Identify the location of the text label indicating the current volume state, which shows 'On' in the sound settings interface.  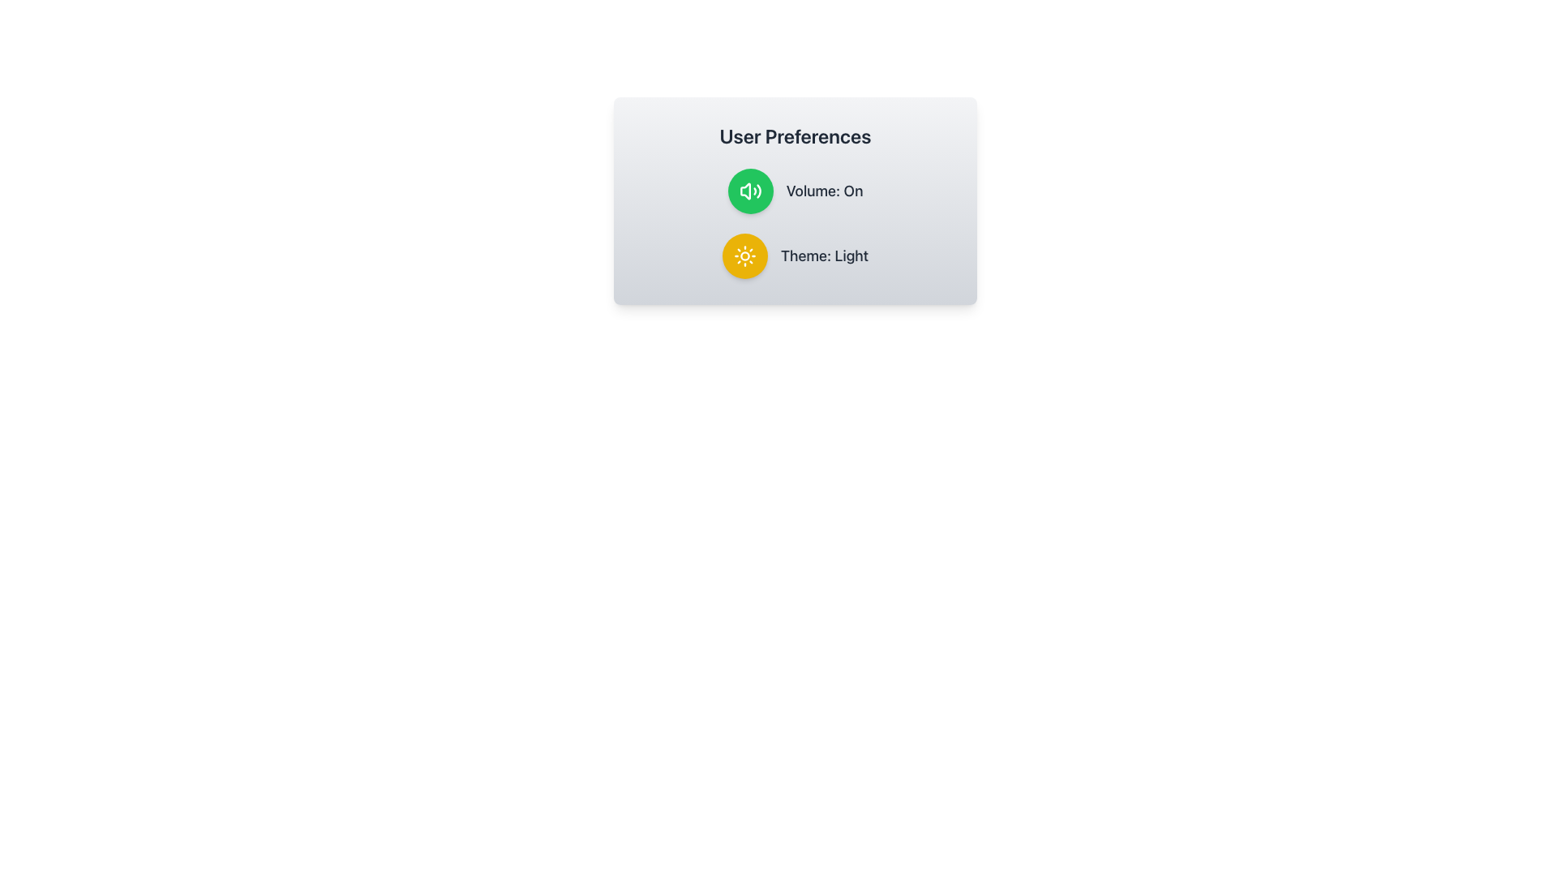
(825, 190).